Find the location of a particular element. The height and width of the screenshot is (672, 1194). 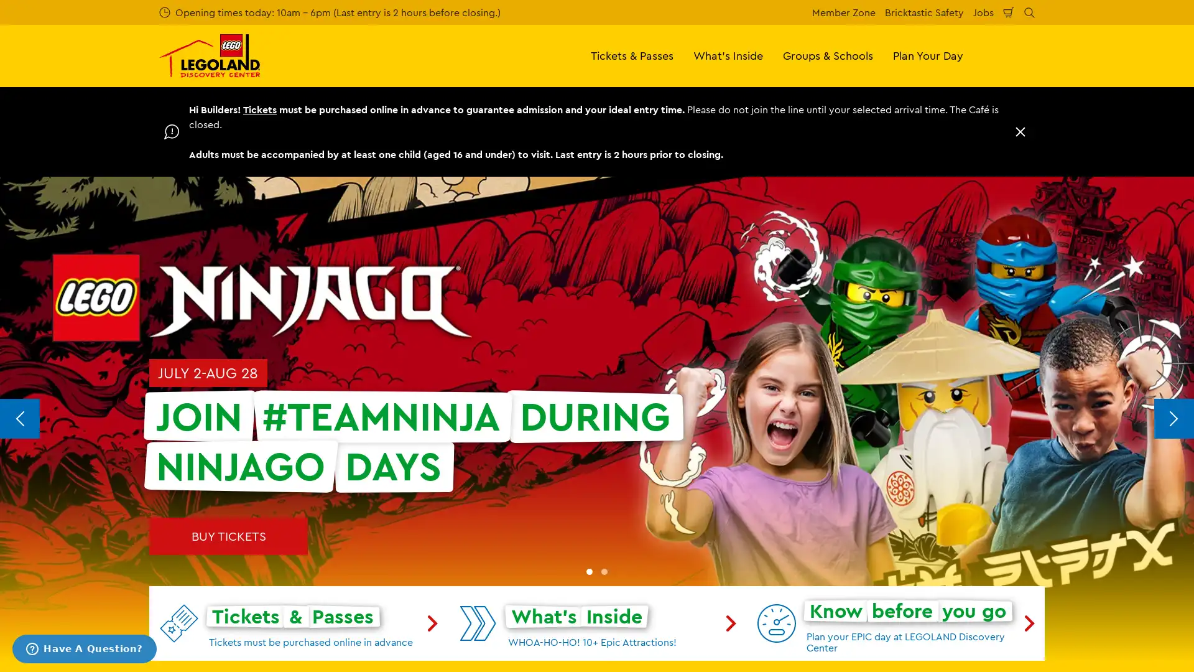

Tickets & Passes is located at coordinates (632, 55).